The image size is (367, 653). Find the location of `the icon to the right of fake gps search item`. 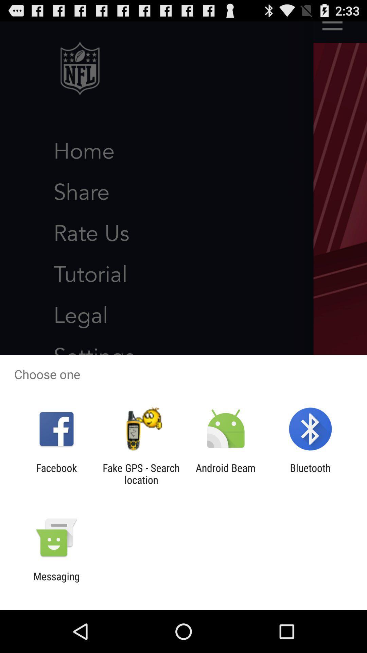

the icon to the right of fake gps search item is located at coordinates (226, 473).